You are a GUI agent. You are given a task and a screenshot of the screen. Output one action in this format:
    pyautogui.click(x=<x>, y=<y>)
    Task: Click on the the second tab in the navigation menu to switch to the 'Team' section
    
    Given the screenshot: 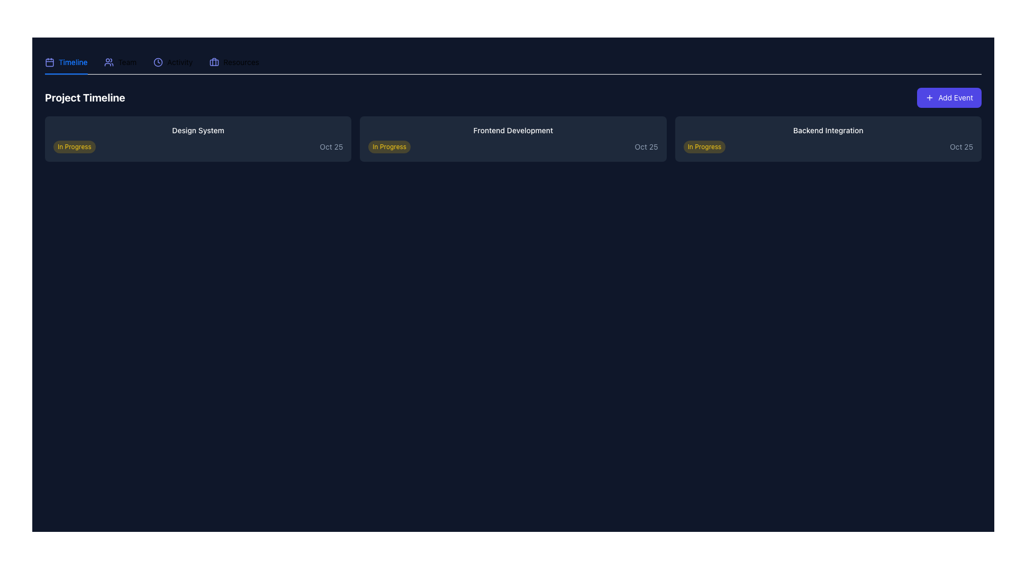 What is the action you would take?
    pyautogui.click(x=120, y=62)
    